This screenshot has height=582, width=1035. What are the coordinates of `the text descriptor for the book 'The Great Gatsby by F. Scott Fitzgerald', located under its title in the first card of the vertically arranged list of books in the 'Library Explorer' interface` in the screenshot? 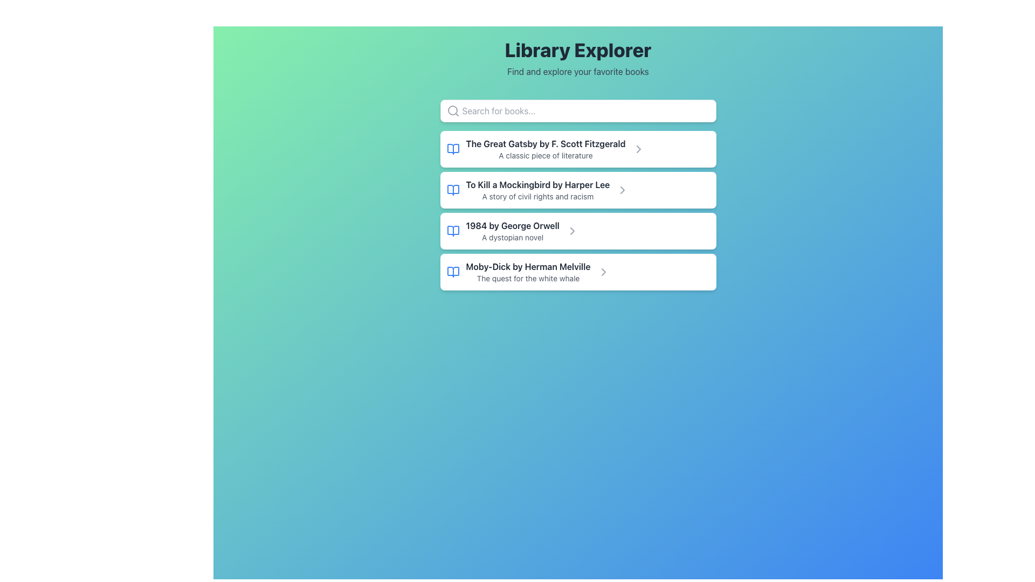 It's located at (546, 156).